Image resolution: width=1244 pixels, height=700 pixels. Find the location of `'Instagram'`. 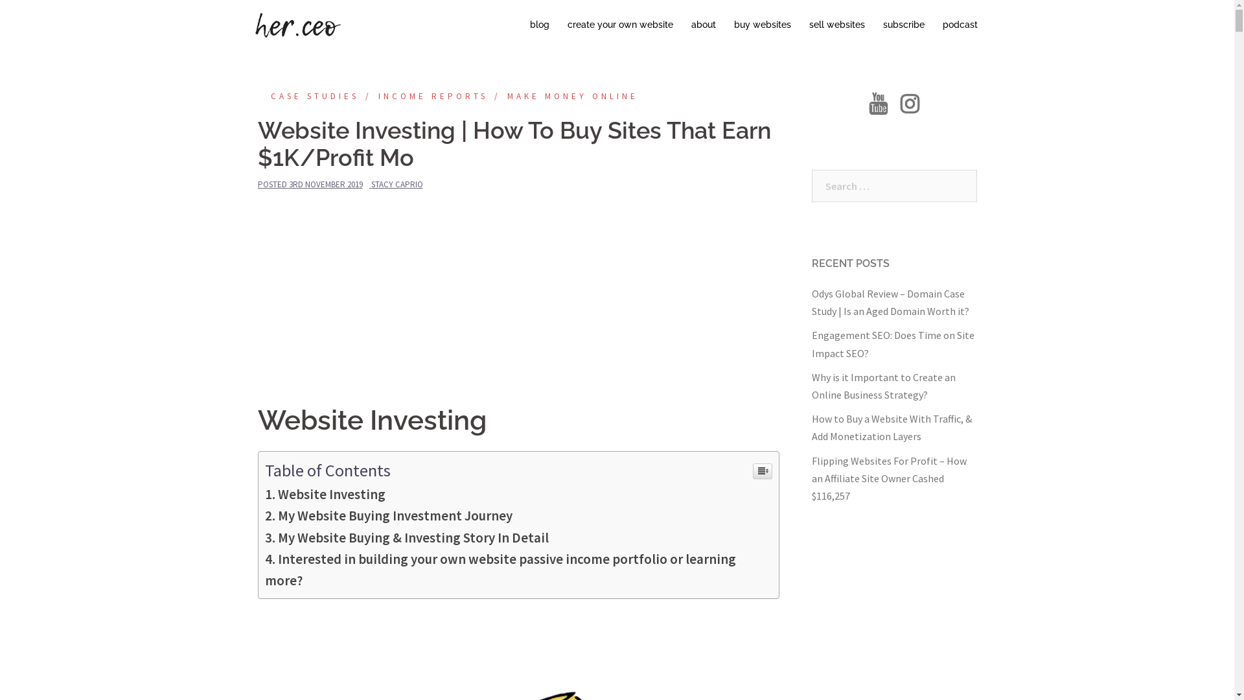

'Instagram' is located at coordinates (909, 106).